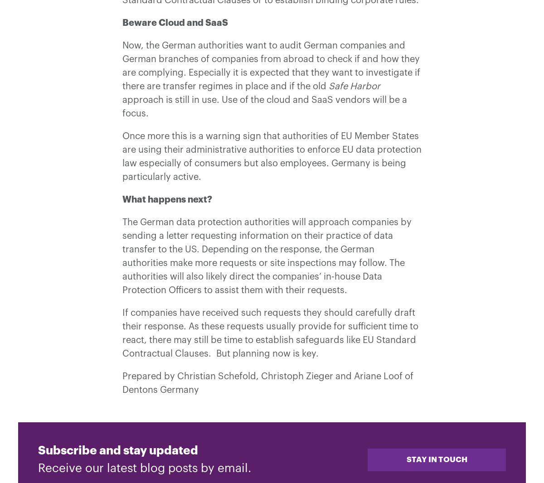 The image size is (544, 483). What do you see at coordinates (122, 199) in the screenshot?
I see `'What happens next?'` at bounding box center [122, 199].